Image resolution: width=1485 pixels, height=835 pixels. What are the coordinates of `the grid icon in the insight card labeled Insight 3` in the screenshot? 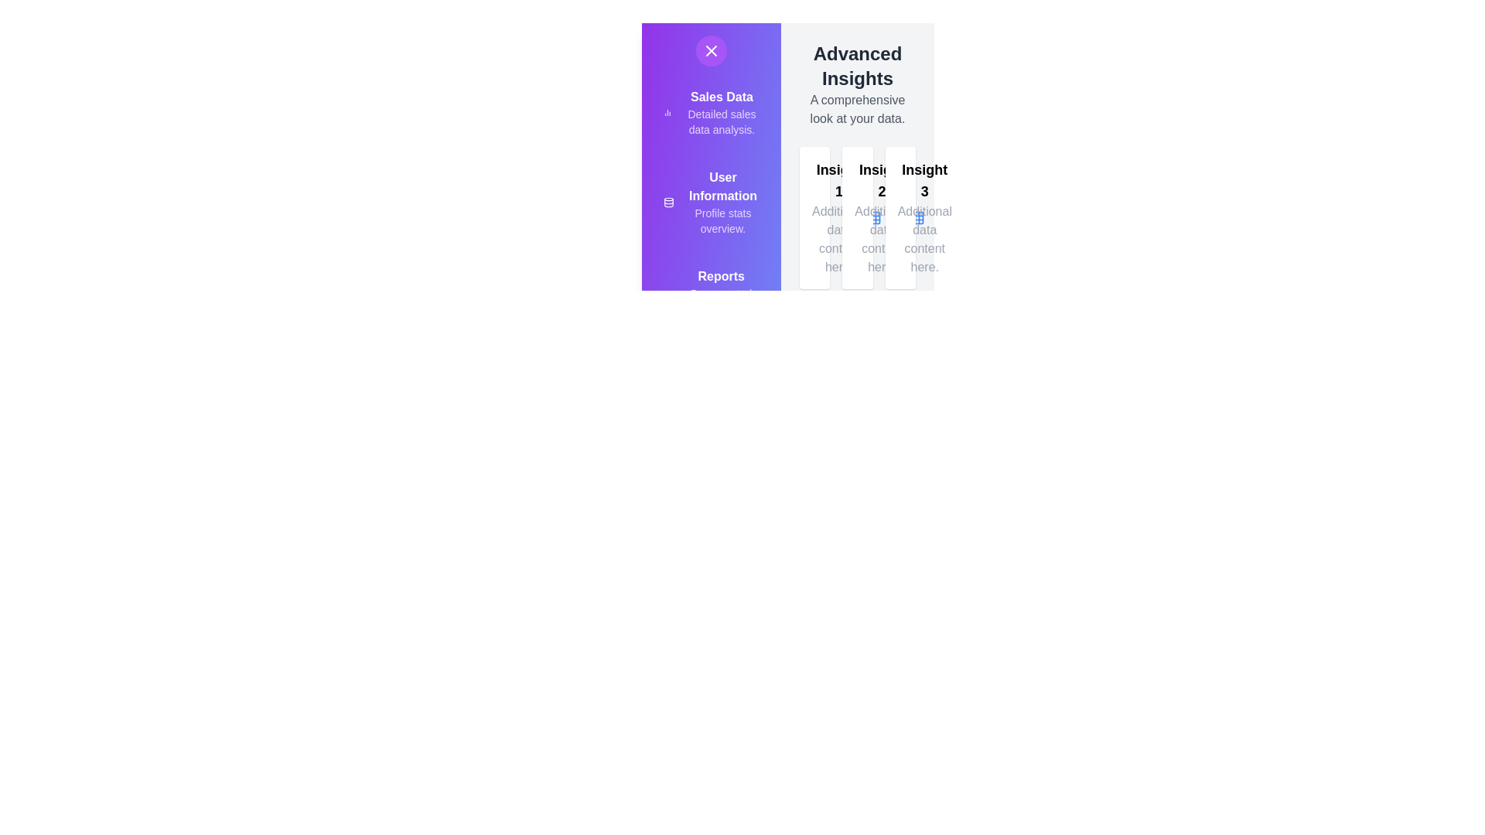 It's located at (958, 217).